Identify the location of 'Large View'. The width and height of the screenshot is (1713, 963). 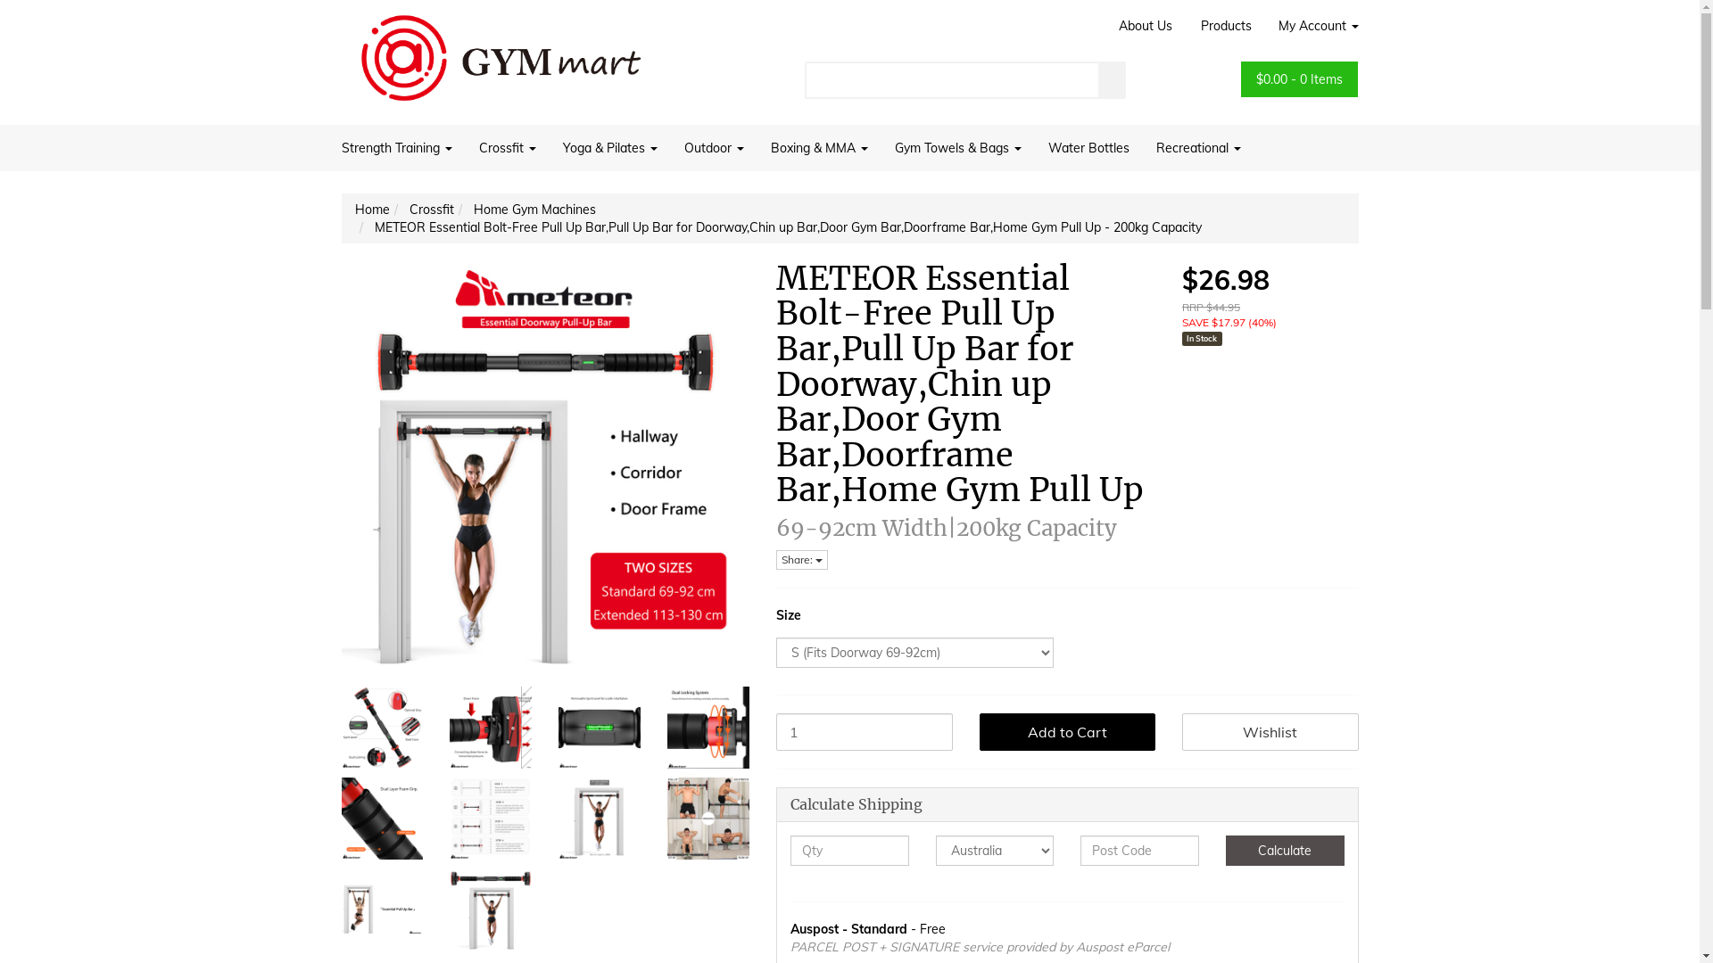
(450, 909).